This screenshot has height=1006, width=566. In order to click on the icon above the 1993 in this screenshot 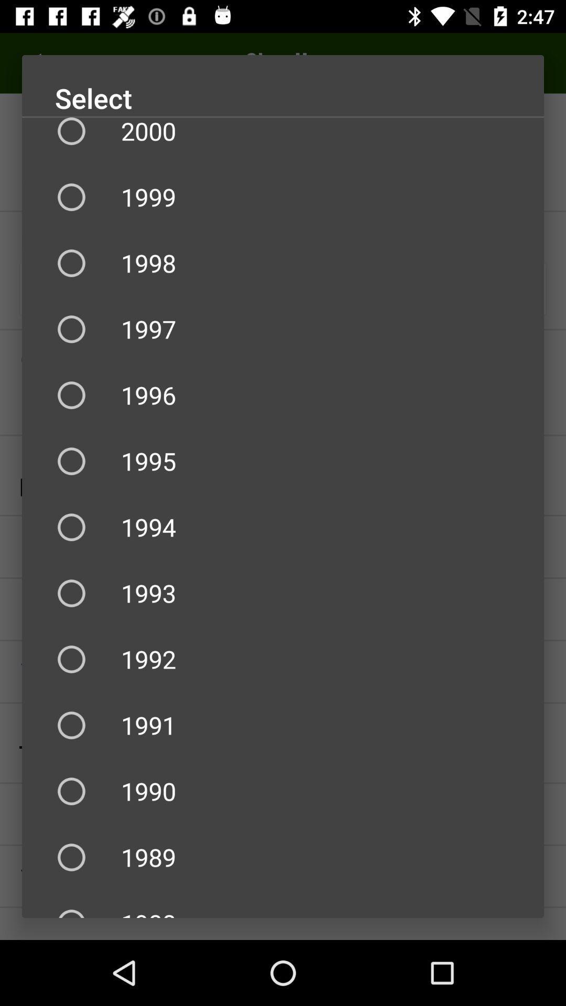, I will do `click(283, 527)`.